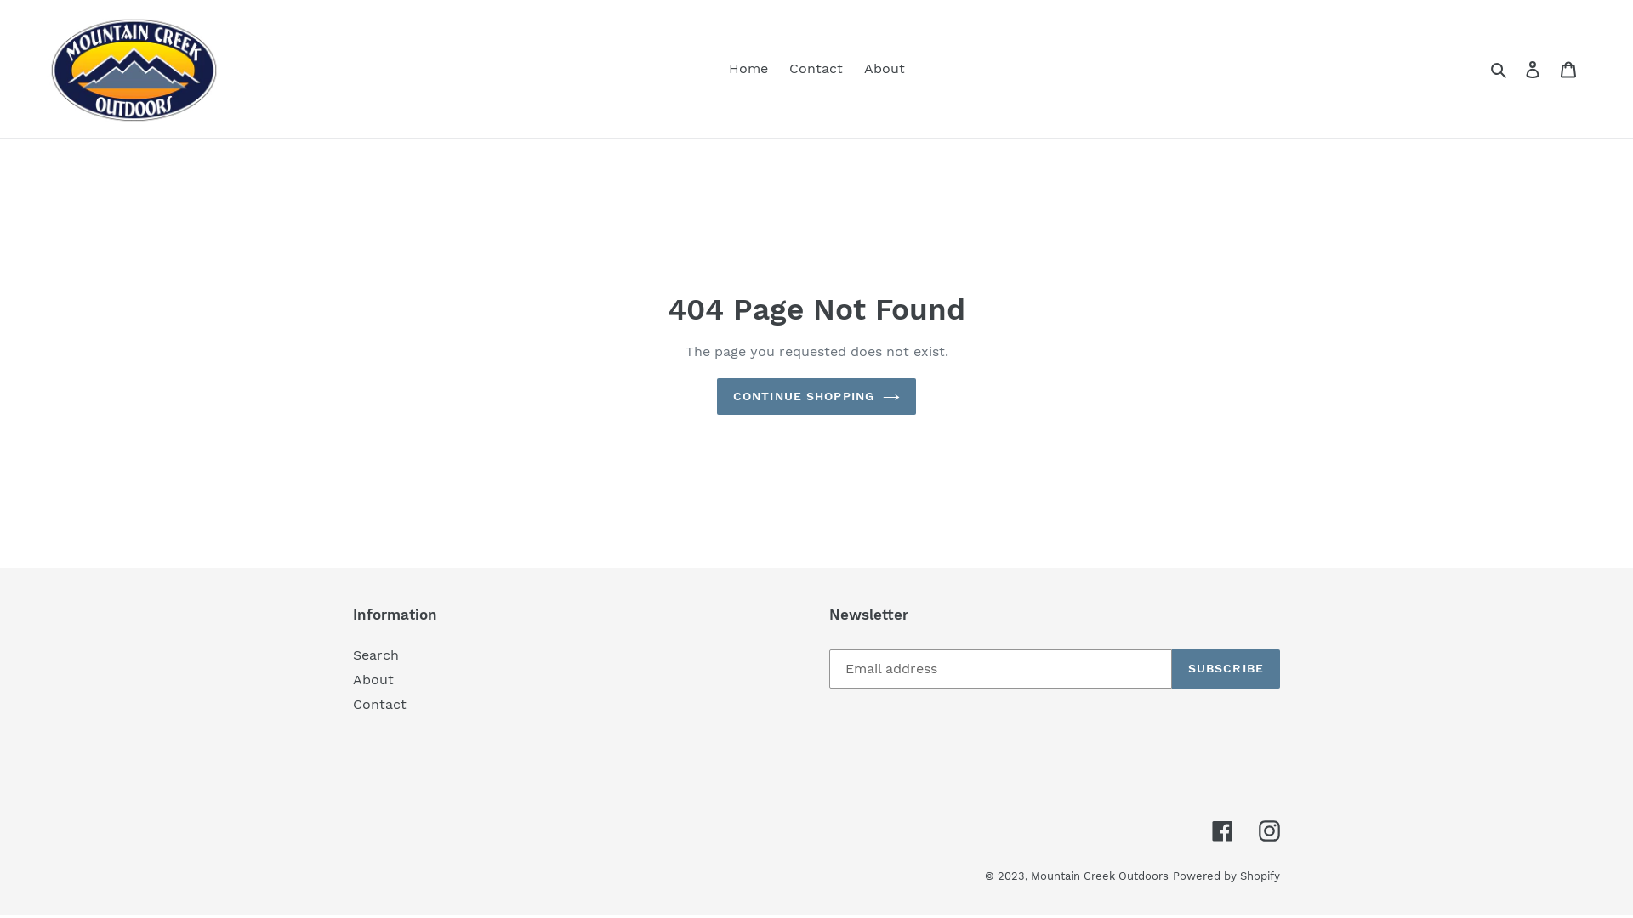 The width and height of the screenshot is (1633, 918). Describe the element at coordinates (1221, 830) in the screenshot. I see `'Facebook'` at that location.